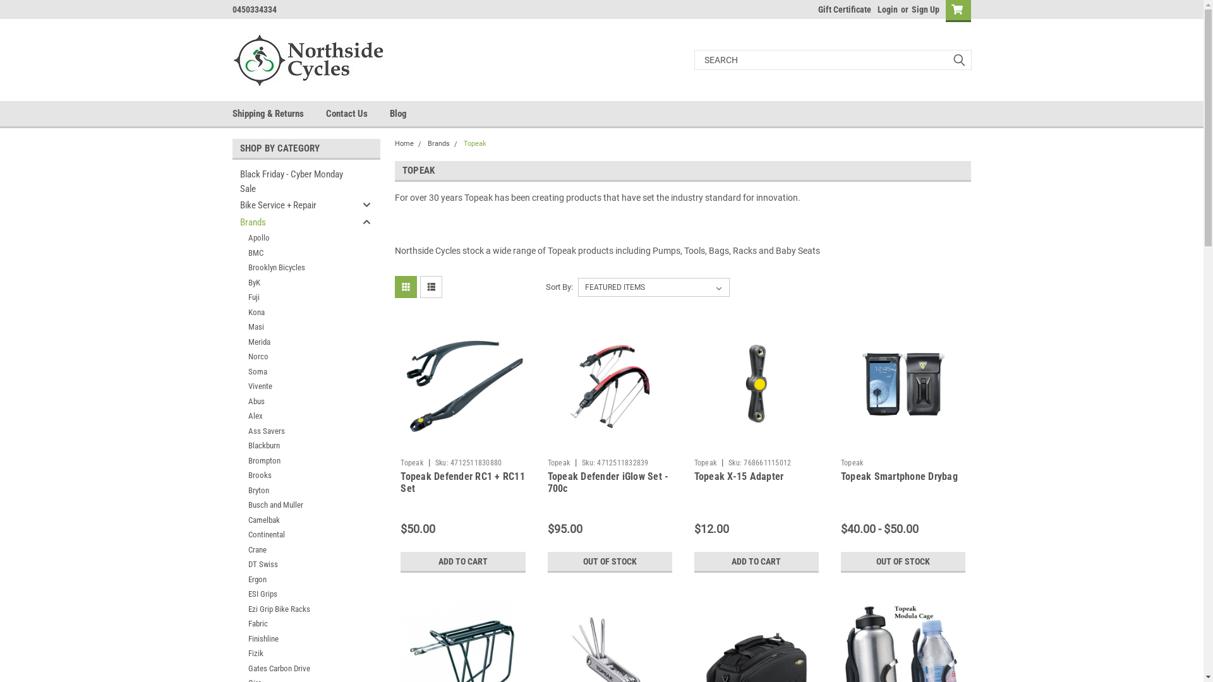 The image size is (1213, 682). What do you see at coordinates (294, 623) in the screenshot?
I see `'Fabric'` at bounding box center [294, 623].